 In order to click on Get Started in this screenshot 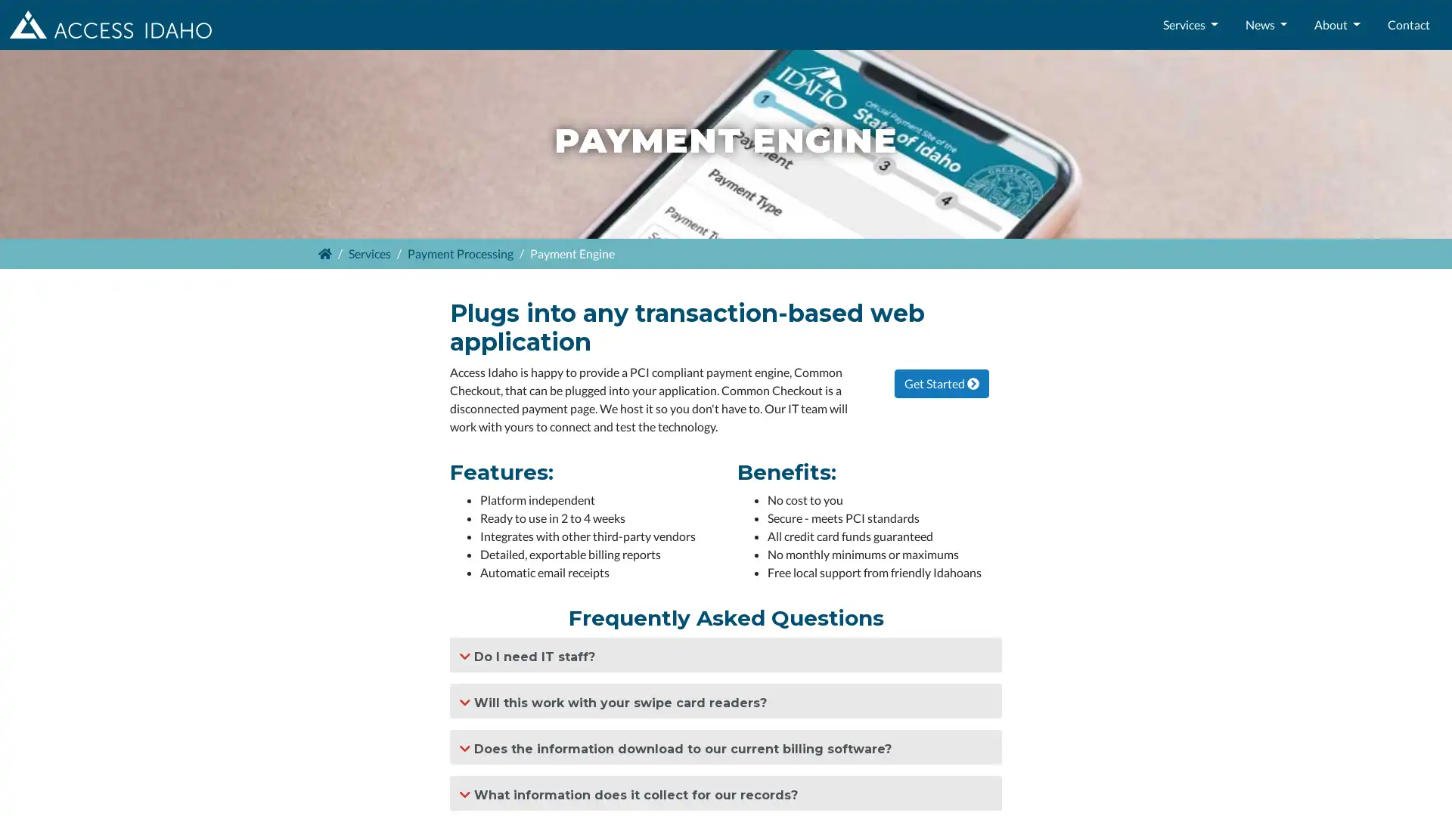, I will do `click(940, 382)`.